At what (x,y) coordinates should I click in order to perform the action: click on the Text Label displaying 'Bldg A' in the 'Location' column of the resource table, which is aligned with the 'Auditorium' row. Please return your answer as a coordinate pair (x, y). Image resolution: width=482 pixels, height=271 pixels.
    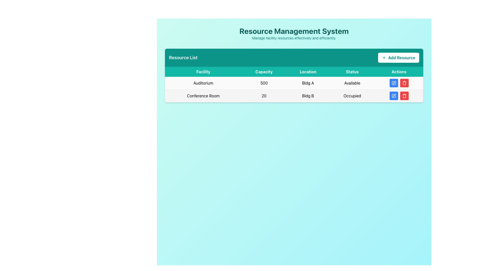
    Looking at the image, I should click on (308, 83).